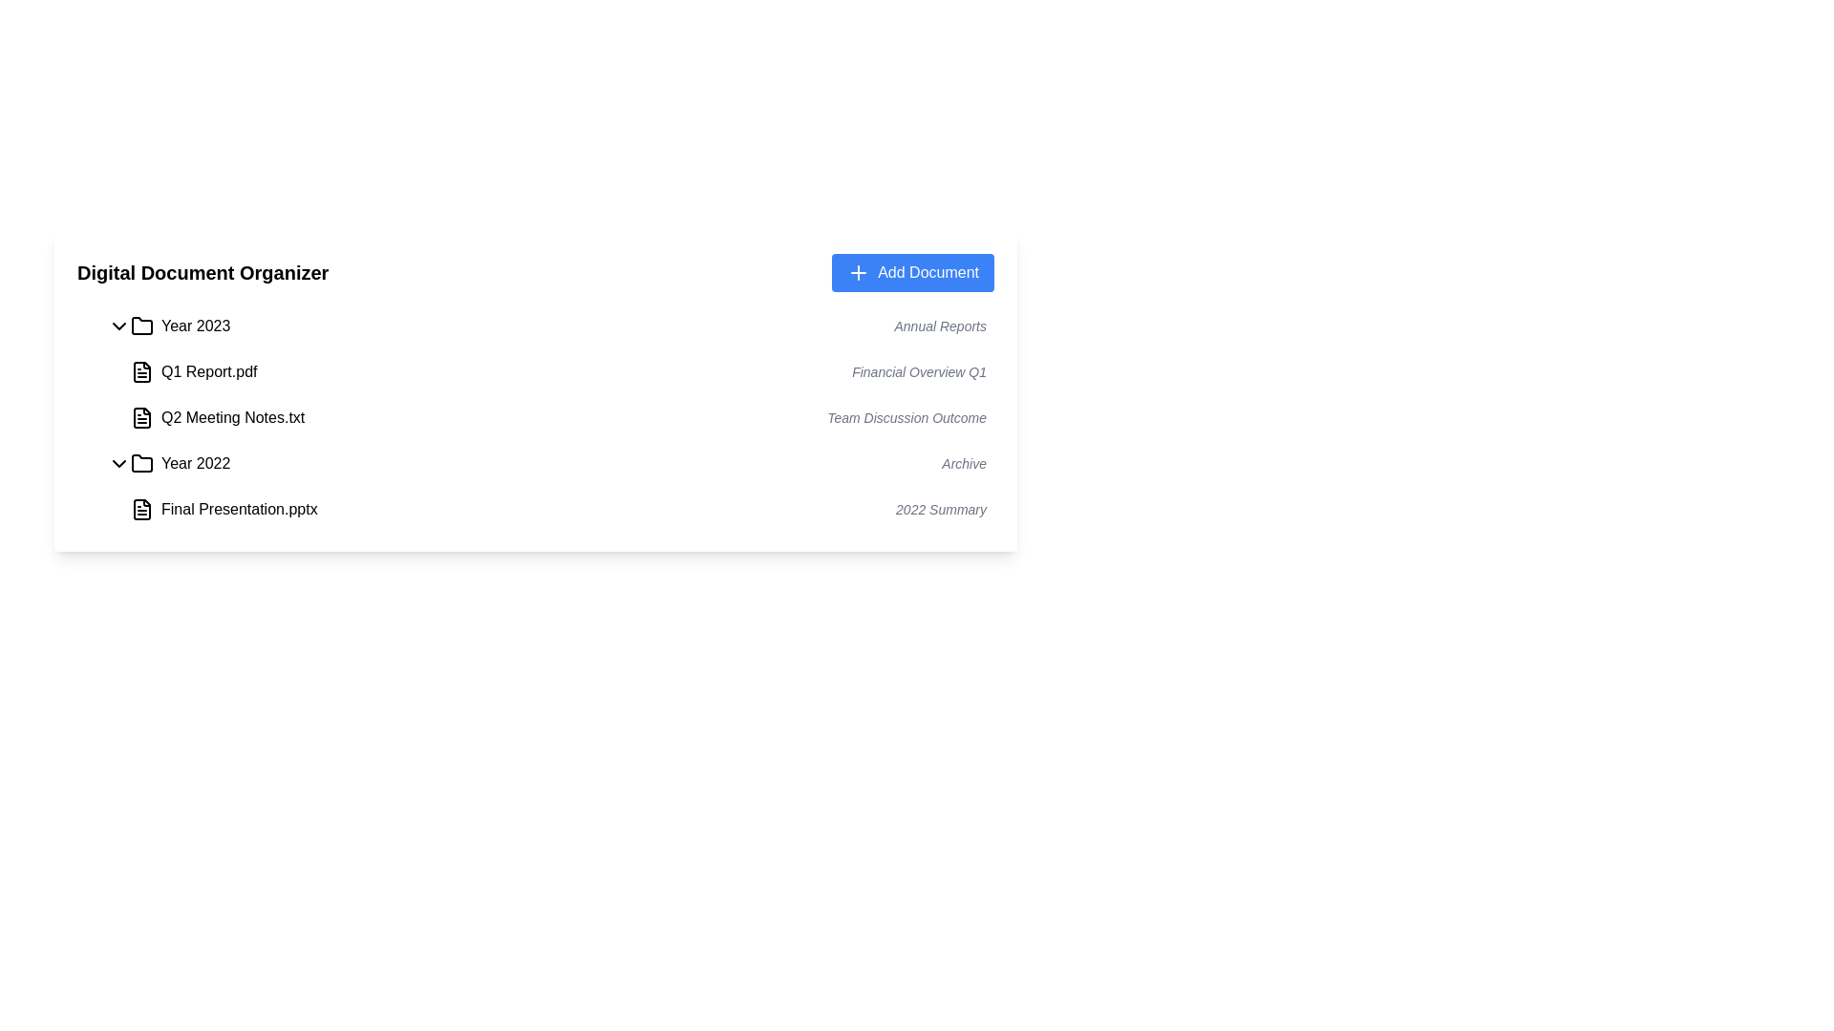  What do you see at coordinates (912, 272) in the screenshot?
I see `the button located in the top-right corner of the 'Digital Document Organizer' section` at bounding box center [912, 272].